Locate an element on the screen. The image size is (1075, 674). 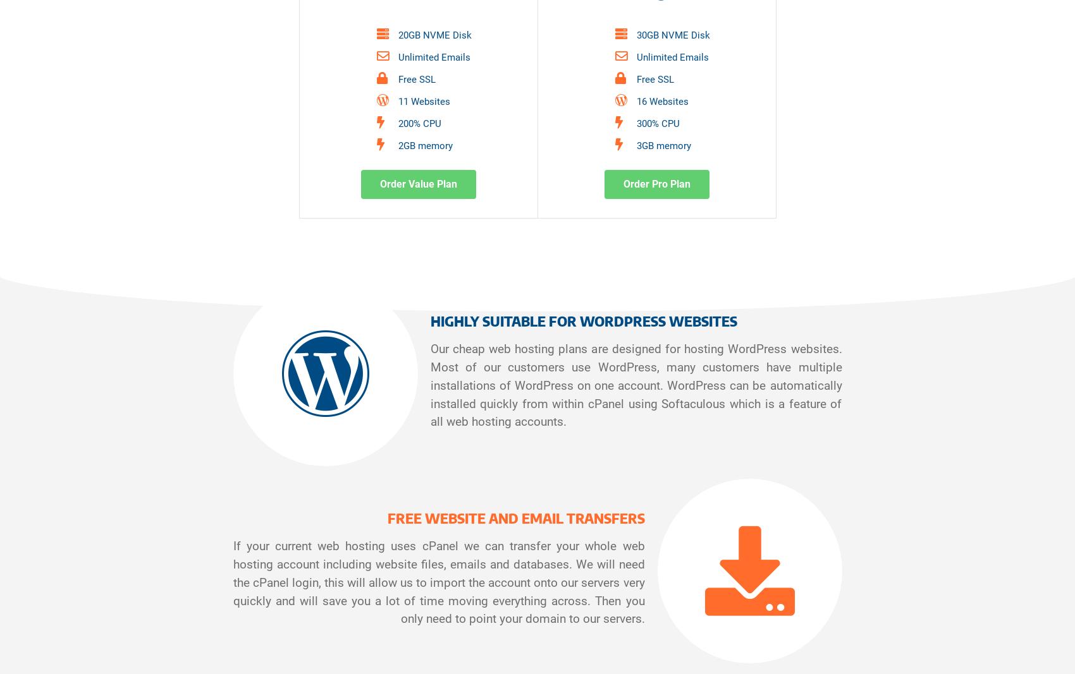
'Our cheap web hosting plans are designed for hosting WordPress websites. Most of our customers use WordPress, many customers have multiple installations of WordPress on one account. WordPress can be automatically installed quickly from within cPanel using Softaculous which is a feature of all web hosting accounts.' is located at coordinates (635, 385).